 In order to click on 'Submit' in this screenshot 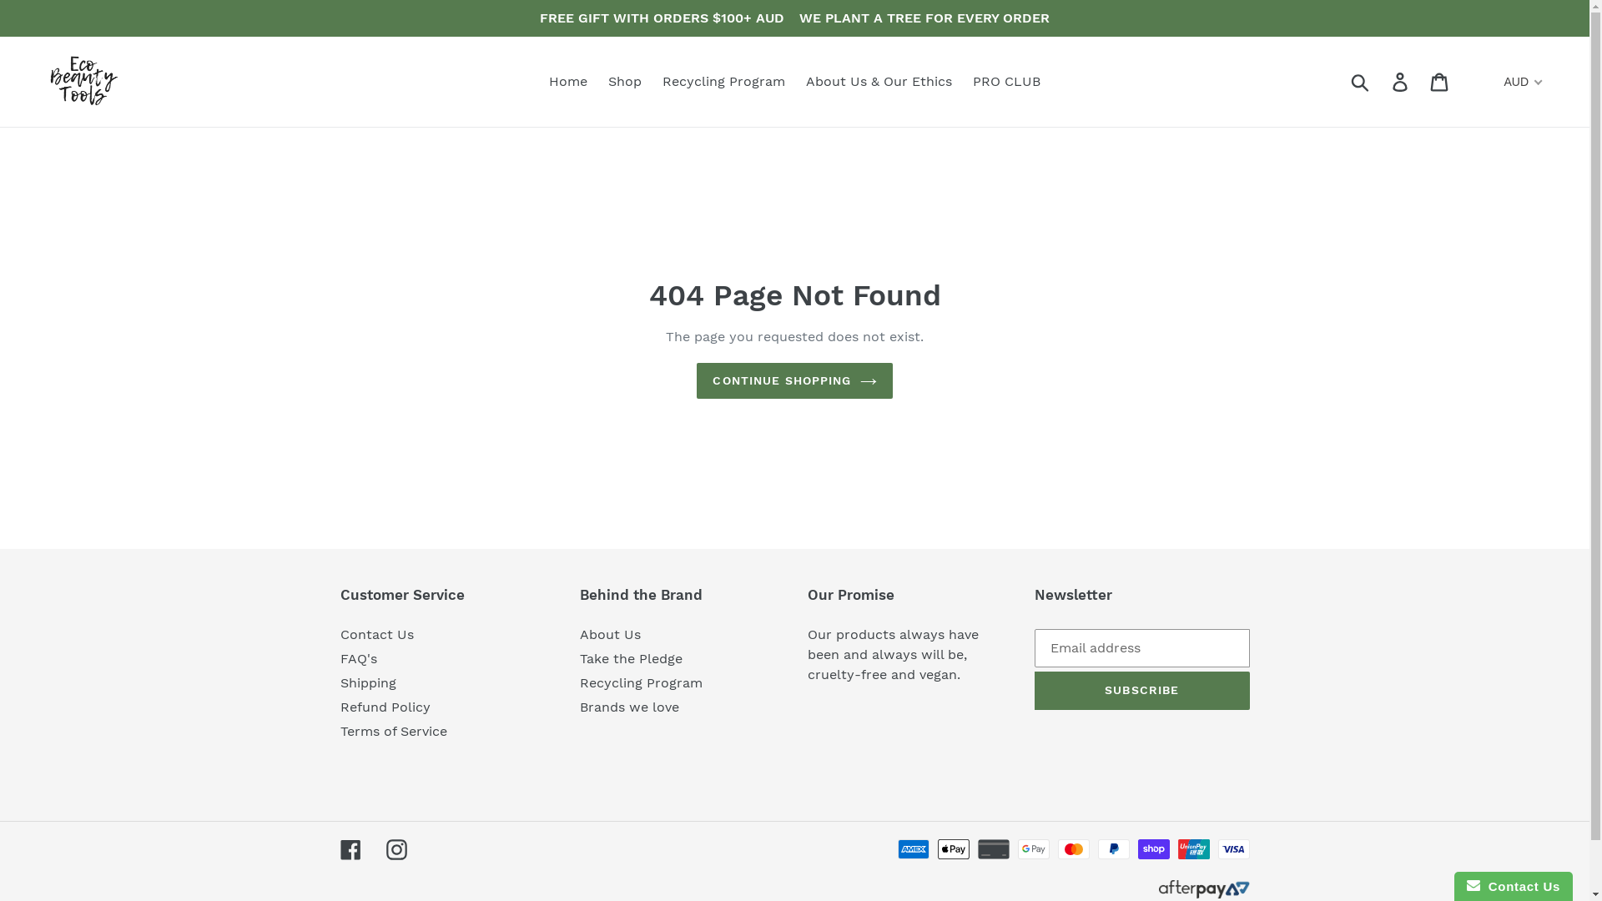, I will do `click(1361, 81)`.